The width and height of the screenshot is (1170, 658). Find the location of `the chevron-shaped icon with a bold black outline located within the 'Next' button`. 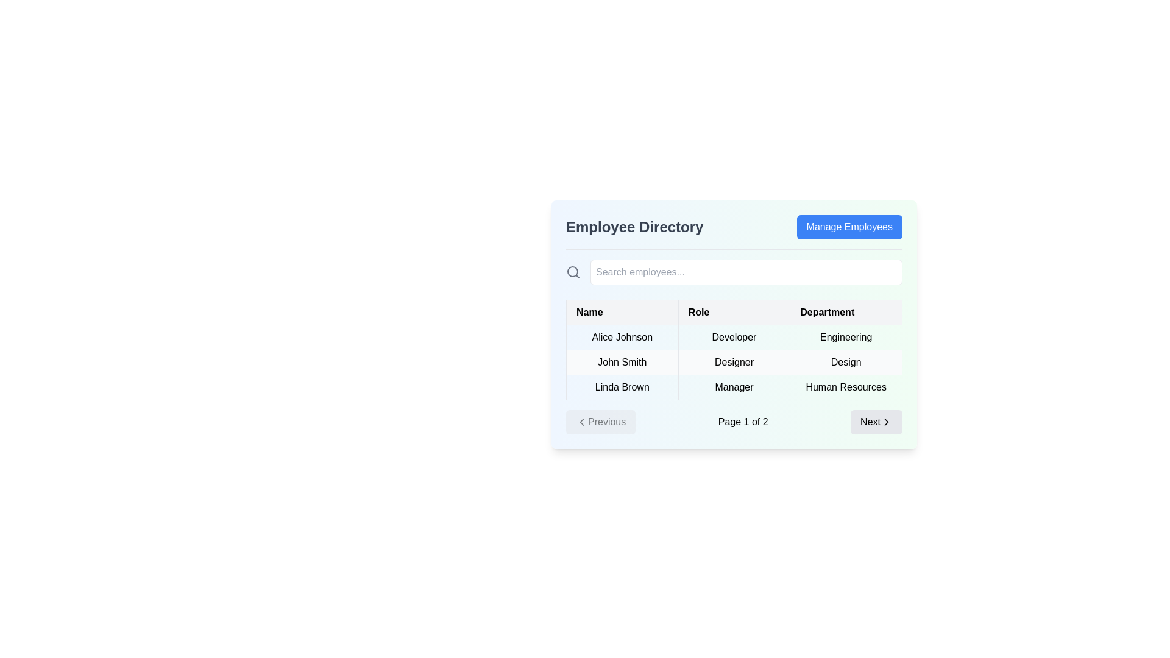

the chevron-shaped icon with a bold black outline located within the 'Next' button is located at coordinates (886, 422).